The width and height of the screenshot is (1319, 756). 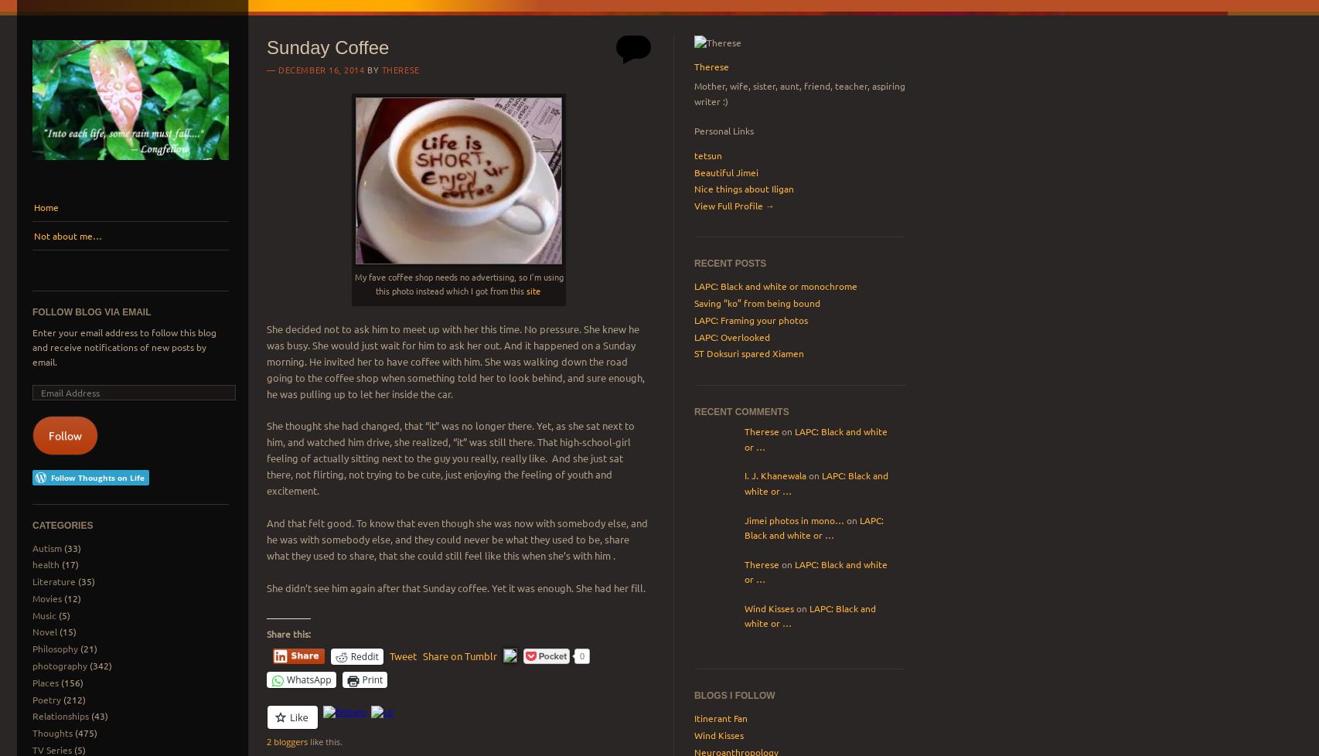 What do you see at coordinates (734, 205) in the screenshot?
I see `'View Full Profile →'` at bounding box center [734, 205].